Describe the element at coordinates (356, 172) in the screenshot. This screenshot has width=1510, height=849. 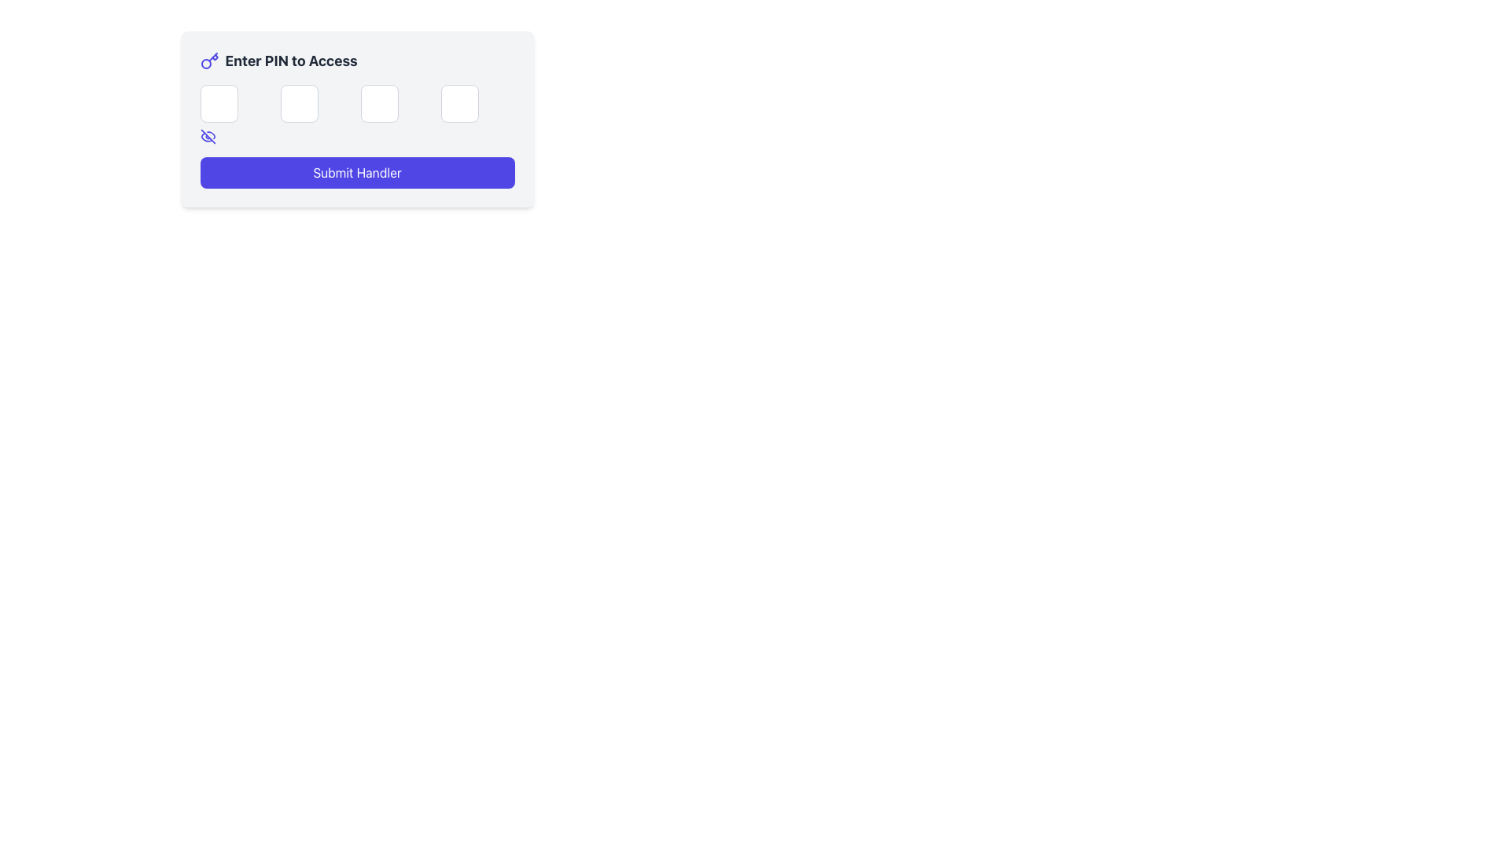
I see `the submit button located in the lower part of the card layout, which has a light-gray background and is positioned below the title 'Enter PIN` at that location.